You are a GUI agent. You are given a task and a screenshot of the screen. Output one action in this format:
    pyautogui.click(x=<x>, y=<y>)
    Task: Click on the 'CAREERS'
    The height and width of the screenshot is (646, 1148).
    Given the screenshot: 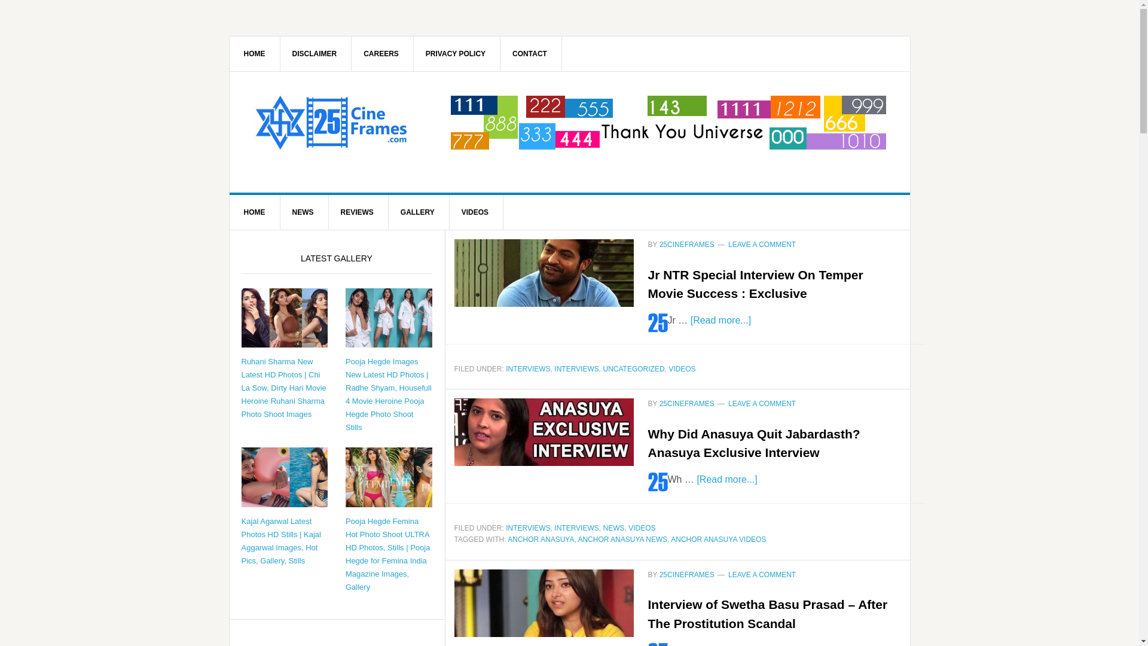 What is the action you would take?
    pyautogui.click(x=349, y=53)
    